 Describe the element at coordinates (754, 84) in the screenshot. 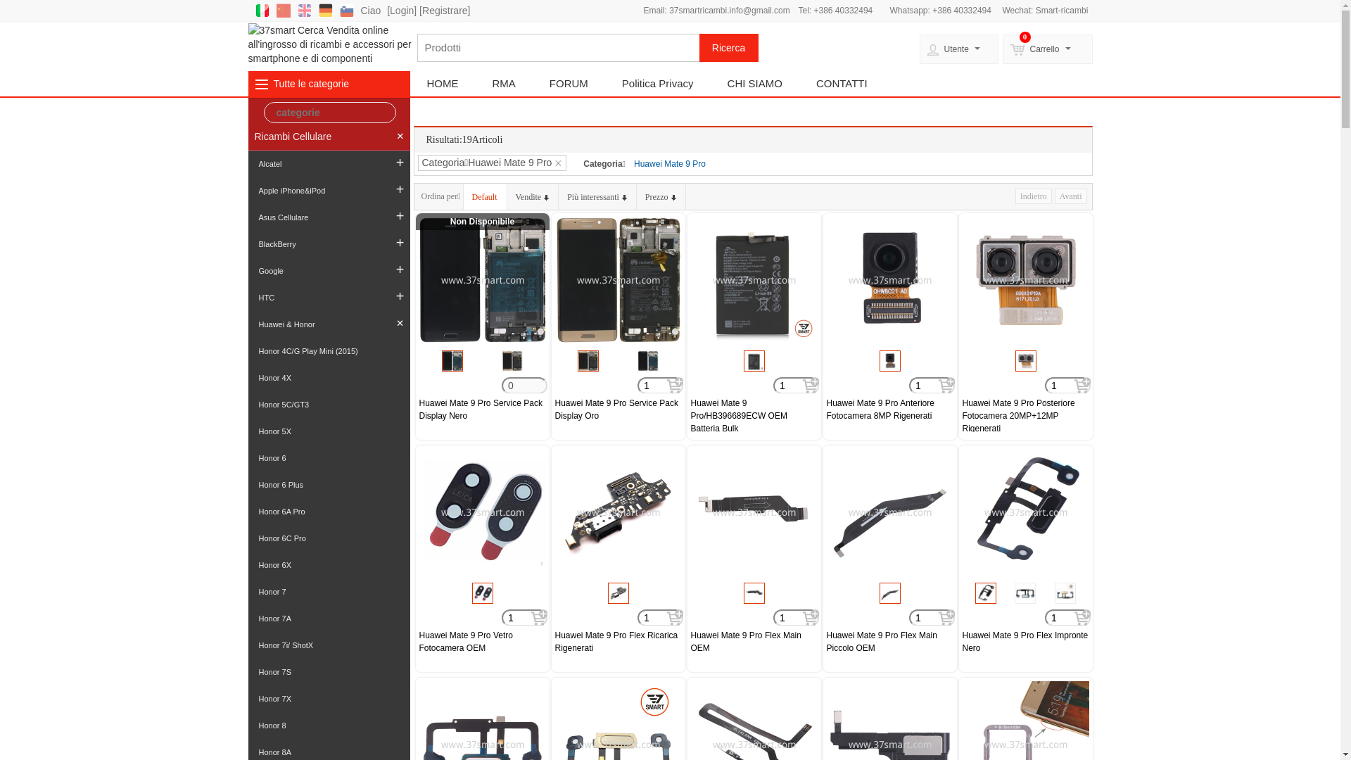

I see `'CHI SIAMO'` at that location.